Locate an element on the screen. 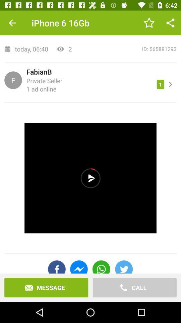 The image size is (181, 323). the item to the right of the iphone 6 16gb is located at coordinates (149, 23).